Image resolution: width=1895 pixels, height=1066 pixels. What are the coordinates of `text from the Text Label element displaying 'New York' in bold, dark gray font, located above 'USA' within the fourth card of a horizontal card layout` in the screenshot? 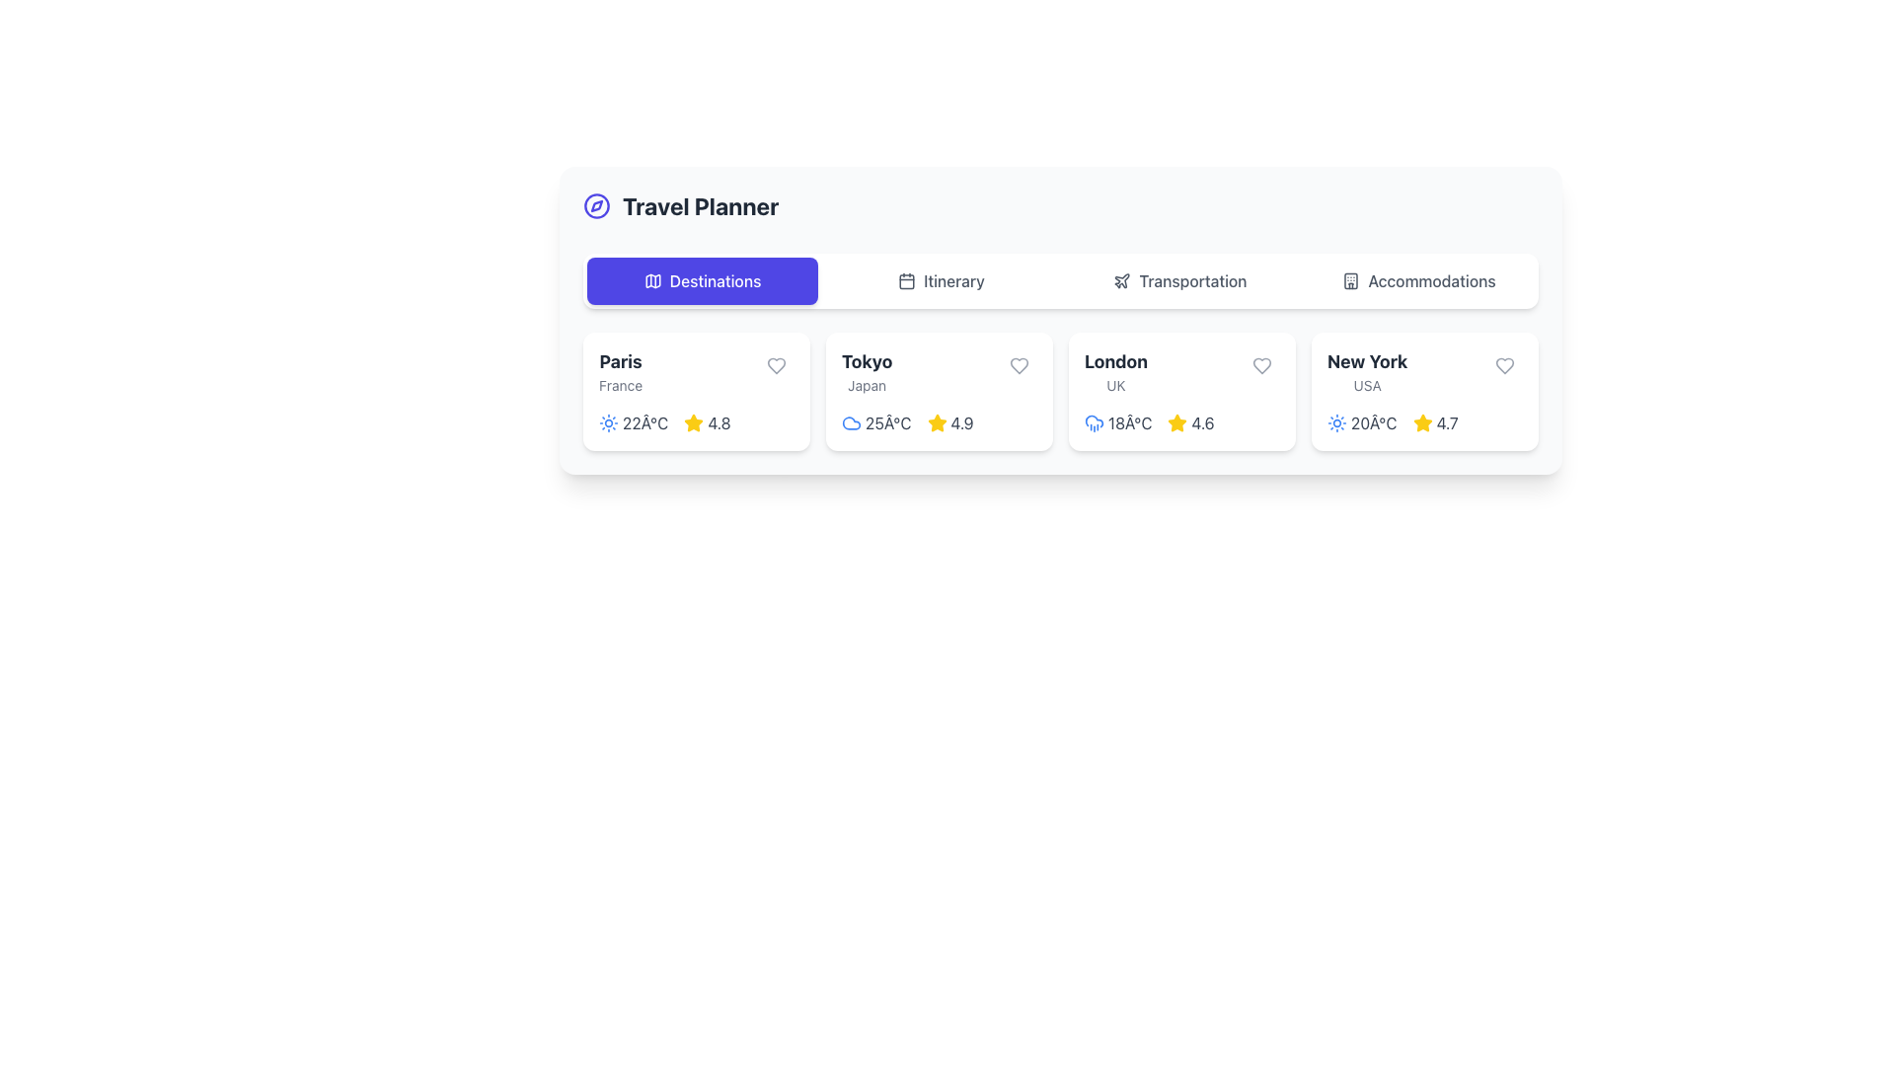 It's located at (1366, 372).